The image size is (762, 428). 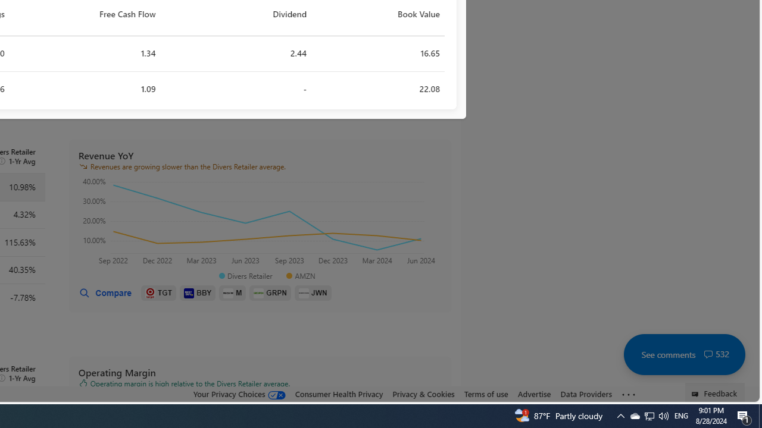 What do you see at coordinates (533, 394) in the screenshot?
I see `'Advertise'` at bounding box center [533, 394].